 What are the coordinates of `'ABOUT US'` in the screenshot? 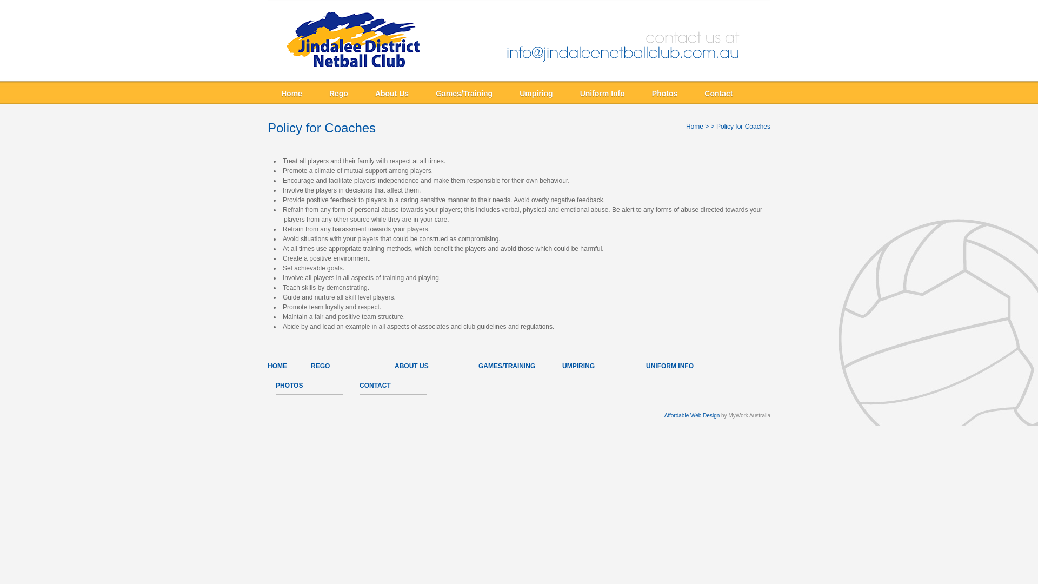 It's located at (411, 366).